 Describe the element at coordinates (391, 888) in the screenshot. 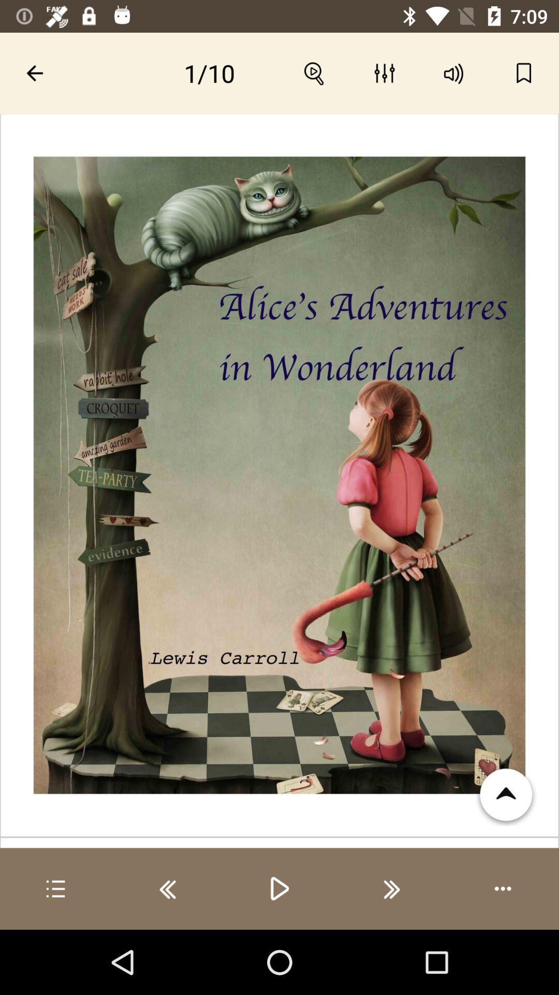

I see `go forward` at that location.